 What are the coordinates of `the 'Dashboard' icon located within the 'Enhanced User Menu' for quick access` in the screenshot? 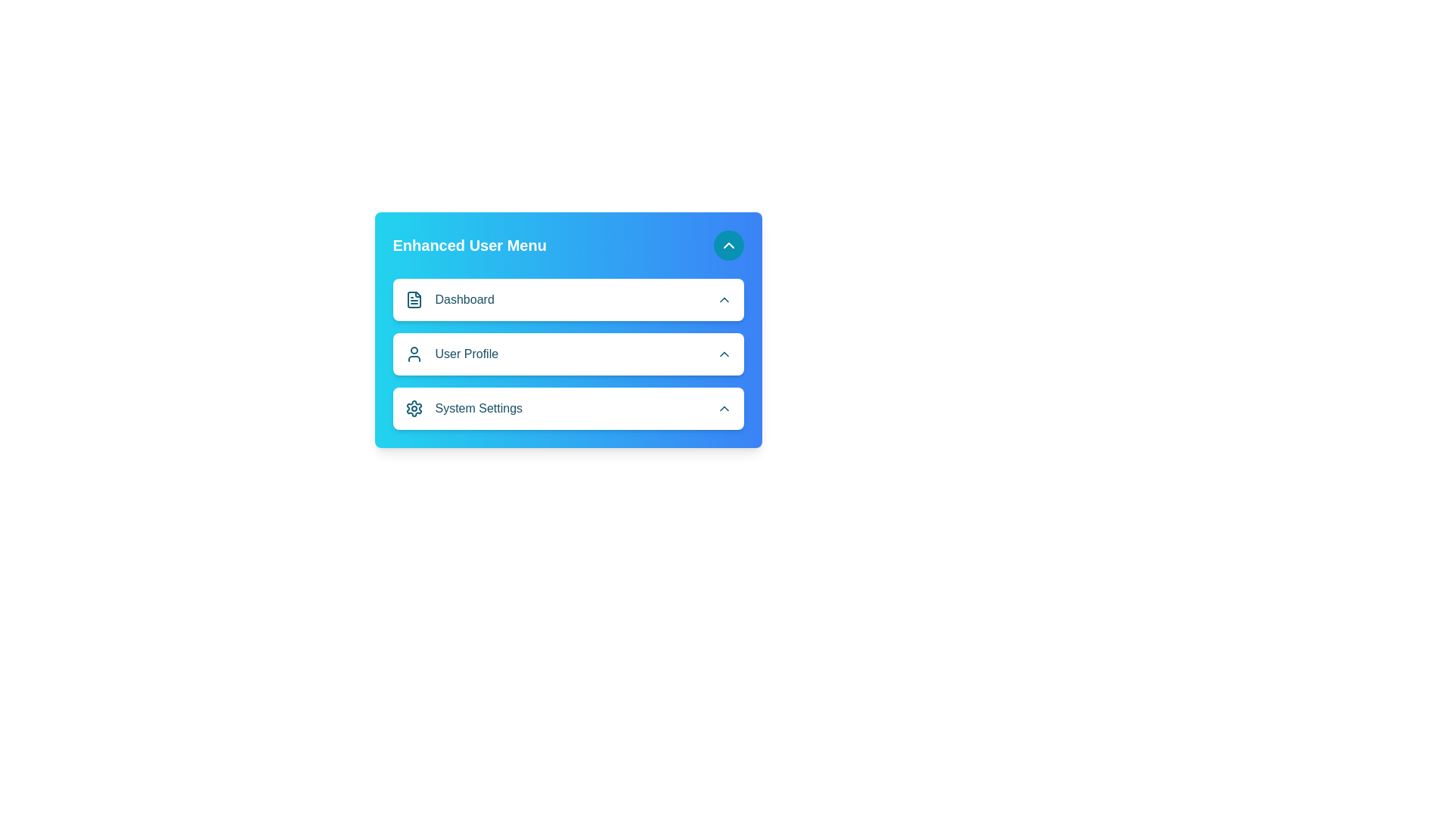 It's located at (414, 300).